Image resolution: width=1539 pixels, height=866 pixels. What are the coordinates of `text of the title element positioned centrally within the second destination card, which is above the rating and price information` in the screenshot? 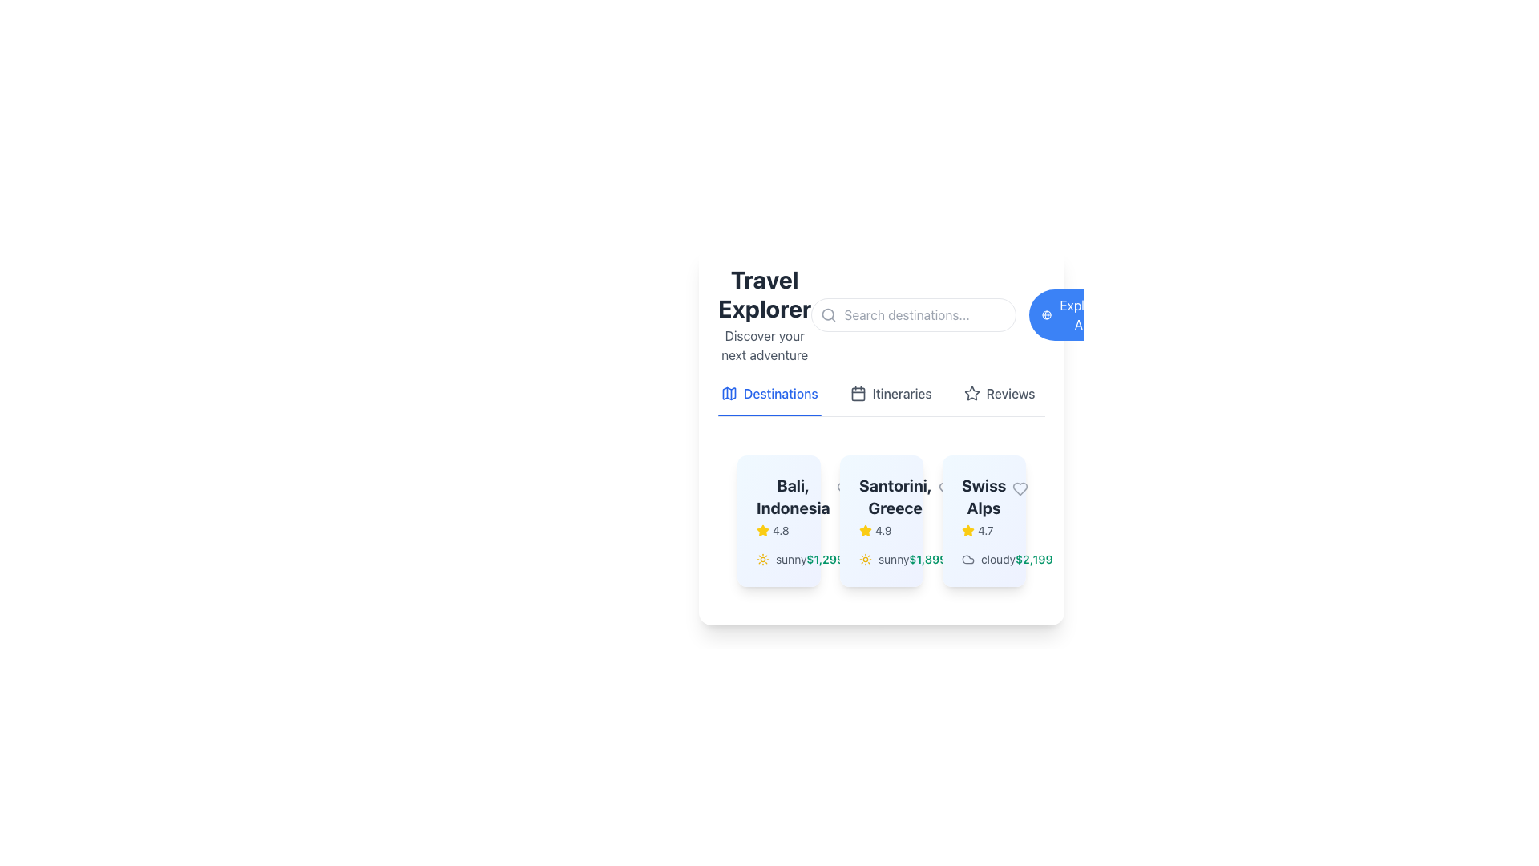 It's located at (895, 496).